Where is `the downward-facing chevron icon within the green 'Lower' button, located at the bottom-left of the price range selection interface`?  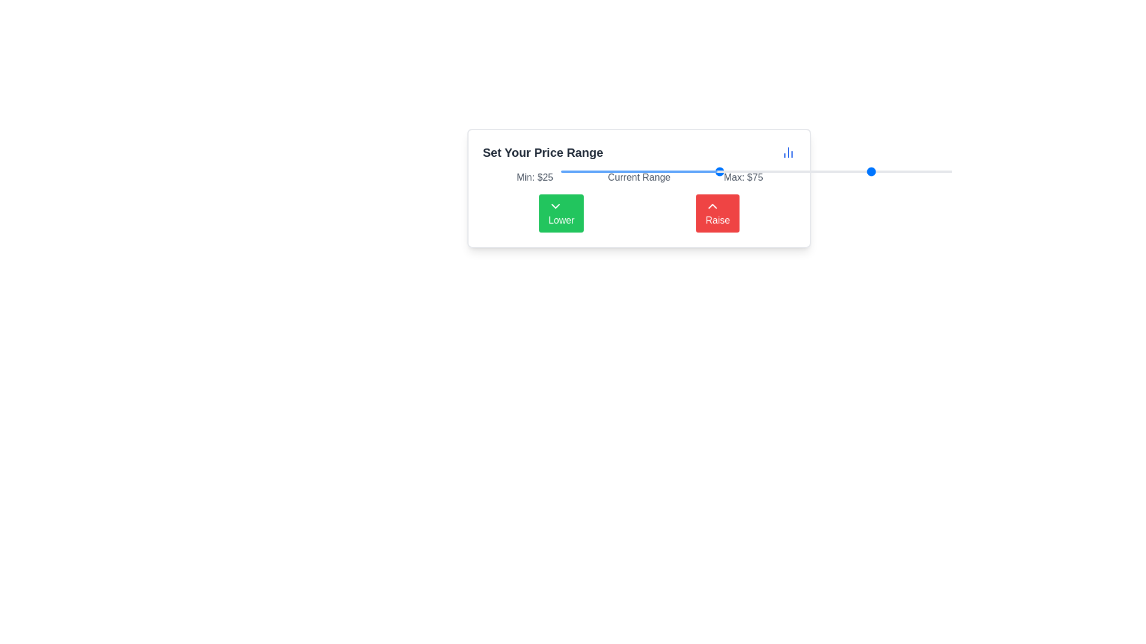
the downward-facing chevron icon within the green 'Lower' button, located at the bottom-left of the price range selection interface is located at coordinates (554, 206).